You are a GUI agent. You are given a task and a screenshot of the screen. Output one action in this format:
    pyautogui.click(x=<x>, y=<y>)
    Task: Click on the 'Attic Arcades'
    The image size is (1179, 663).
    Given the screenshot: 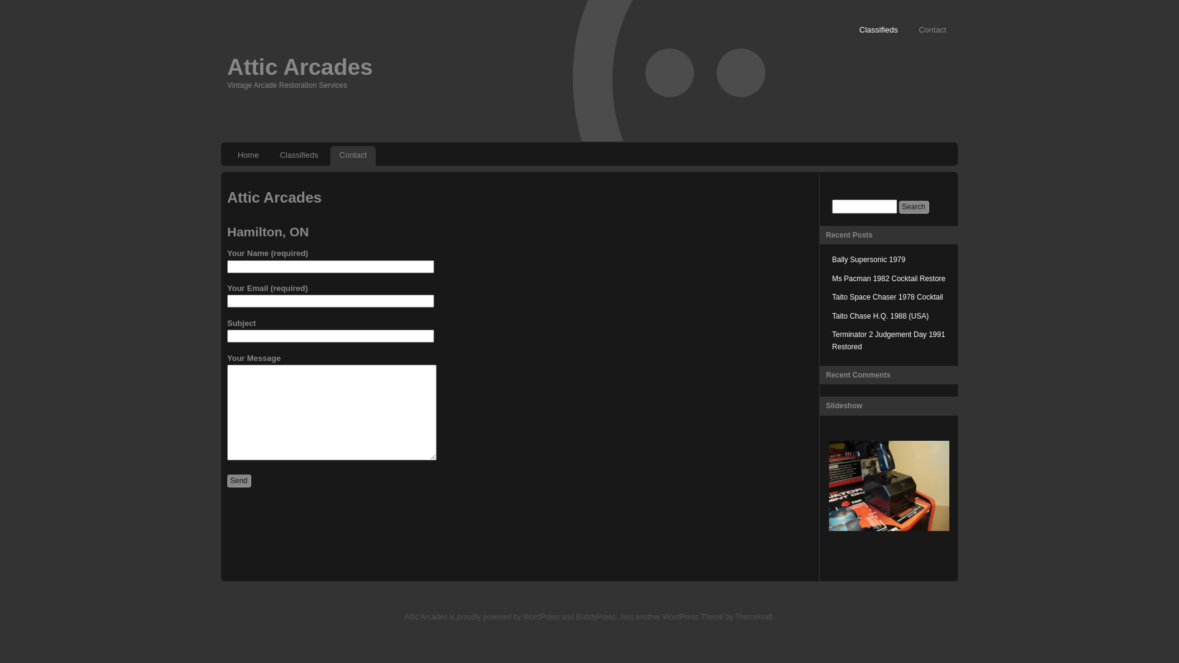 What is the action you would take?
    pyautogui.click(x=300, y=67)
    